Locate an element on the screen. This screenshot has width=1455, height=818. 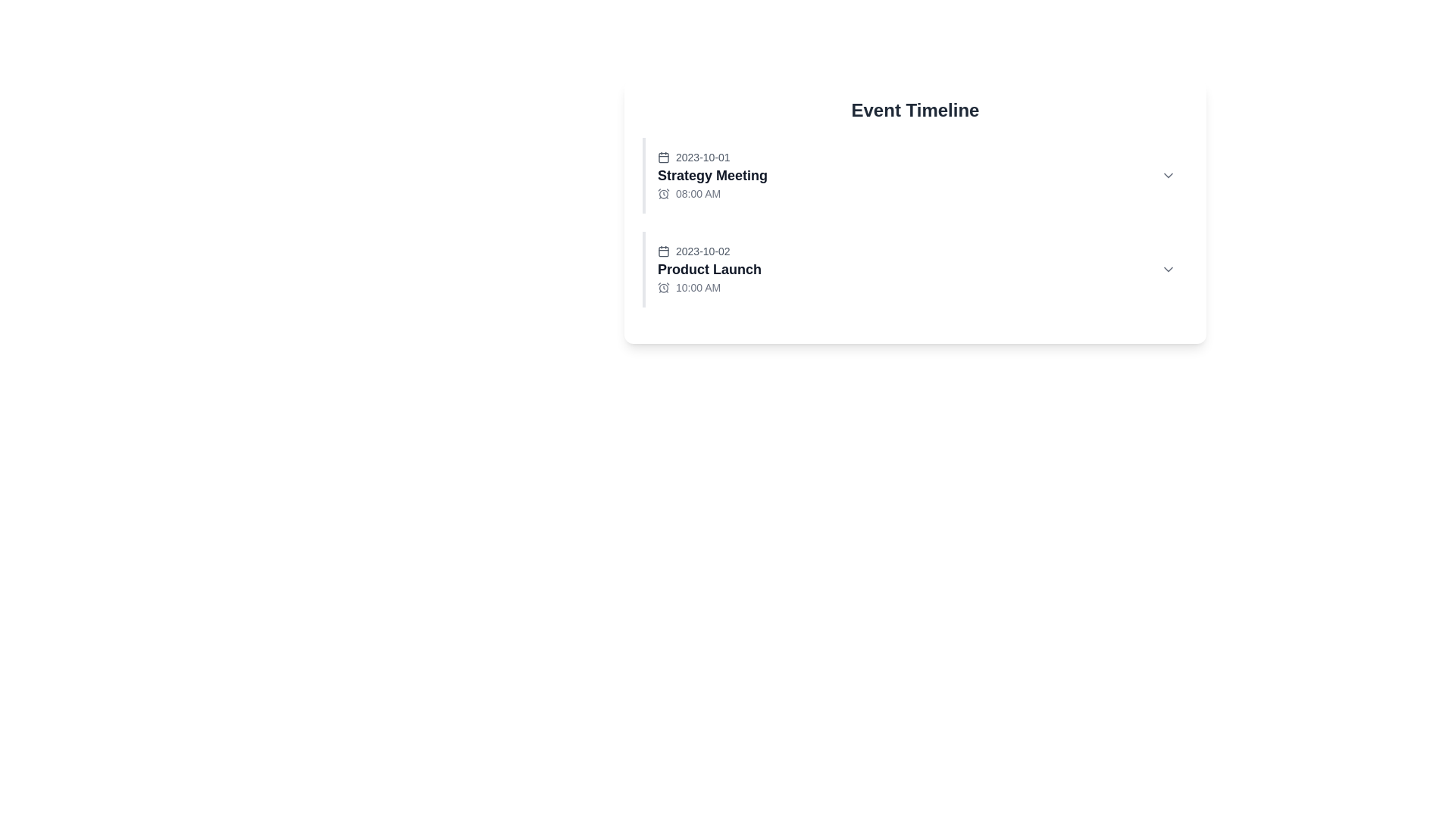
the 'Strategy Meeting' text label, which serves as the primary title for the event in the timeline, positioned below the date and above the time is located at coordinates (712, 174).